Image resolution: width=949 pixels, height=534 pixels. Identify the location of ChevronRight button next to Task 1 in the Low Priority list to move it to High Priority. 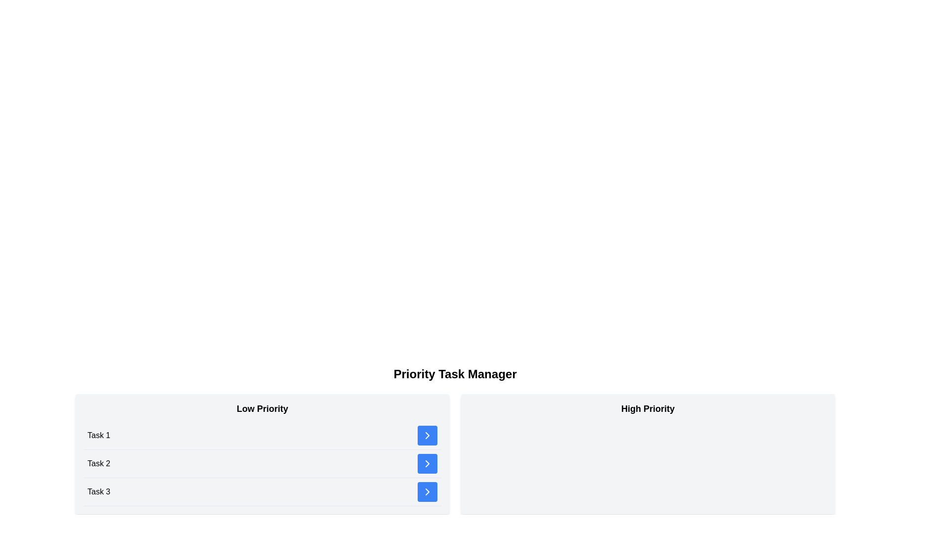
(427, 435).